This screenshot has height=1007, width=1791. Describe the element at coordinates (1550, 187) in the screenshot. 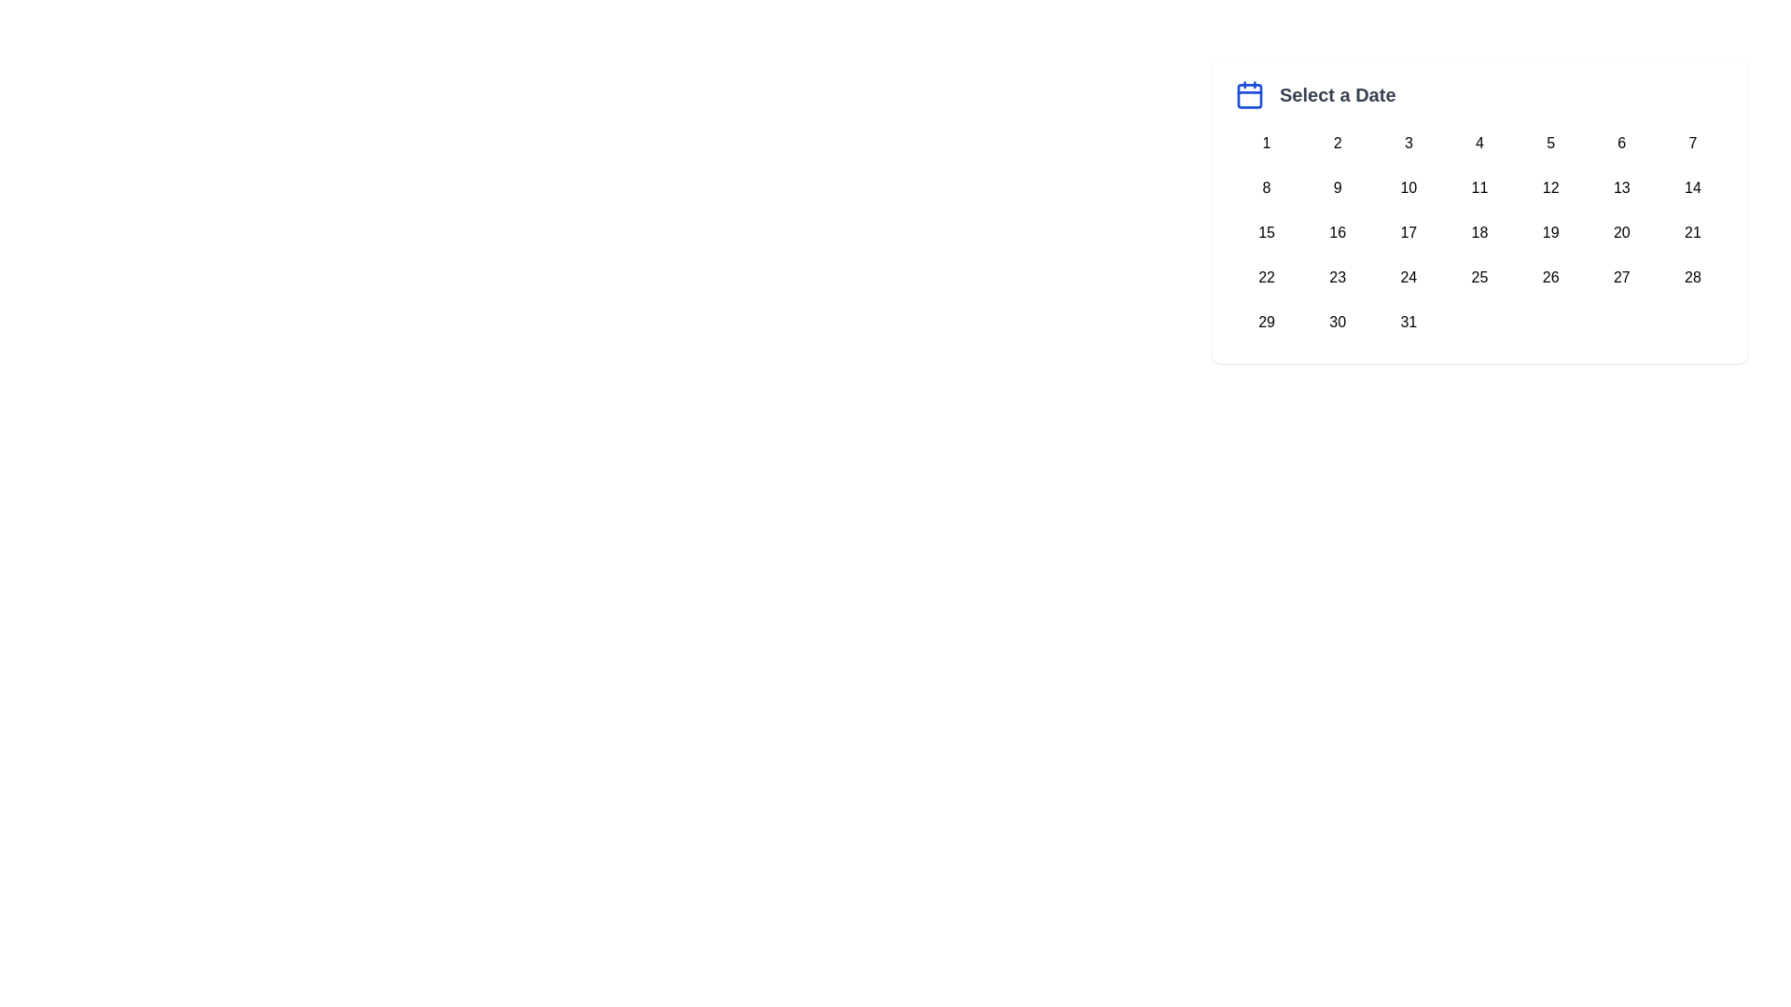

I see `the button displaying the number '12' in the second row and fifth column of the grid layout to trigger hover styles` at that location.